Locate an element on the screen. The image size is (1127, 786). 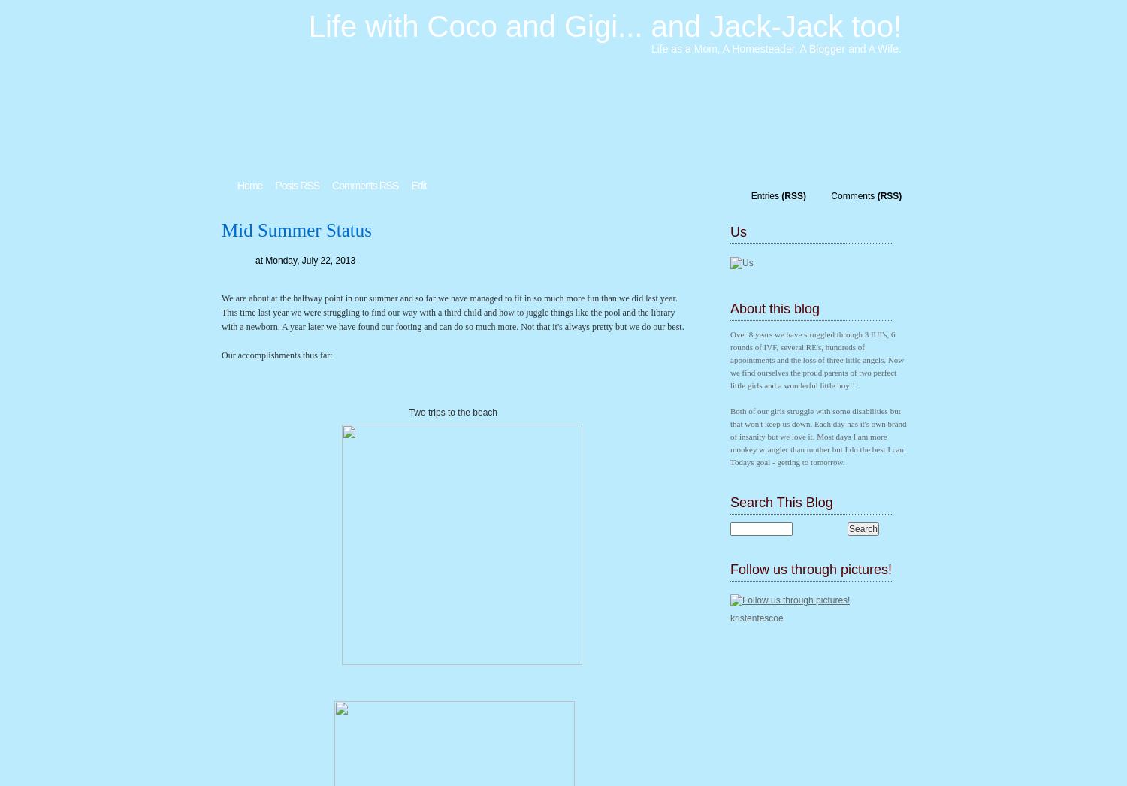
'We are about at the halfway point in our summer and so far we have managed to fit in so much more fun than we did last year. This time last year we were struggling to find our way with a third child and how to juggle things like the pool and the library with a newborn. A year later we have found our footing and can do so much more. Not that it's always pretty but we do our best.' is located at coordinates (452, 312).